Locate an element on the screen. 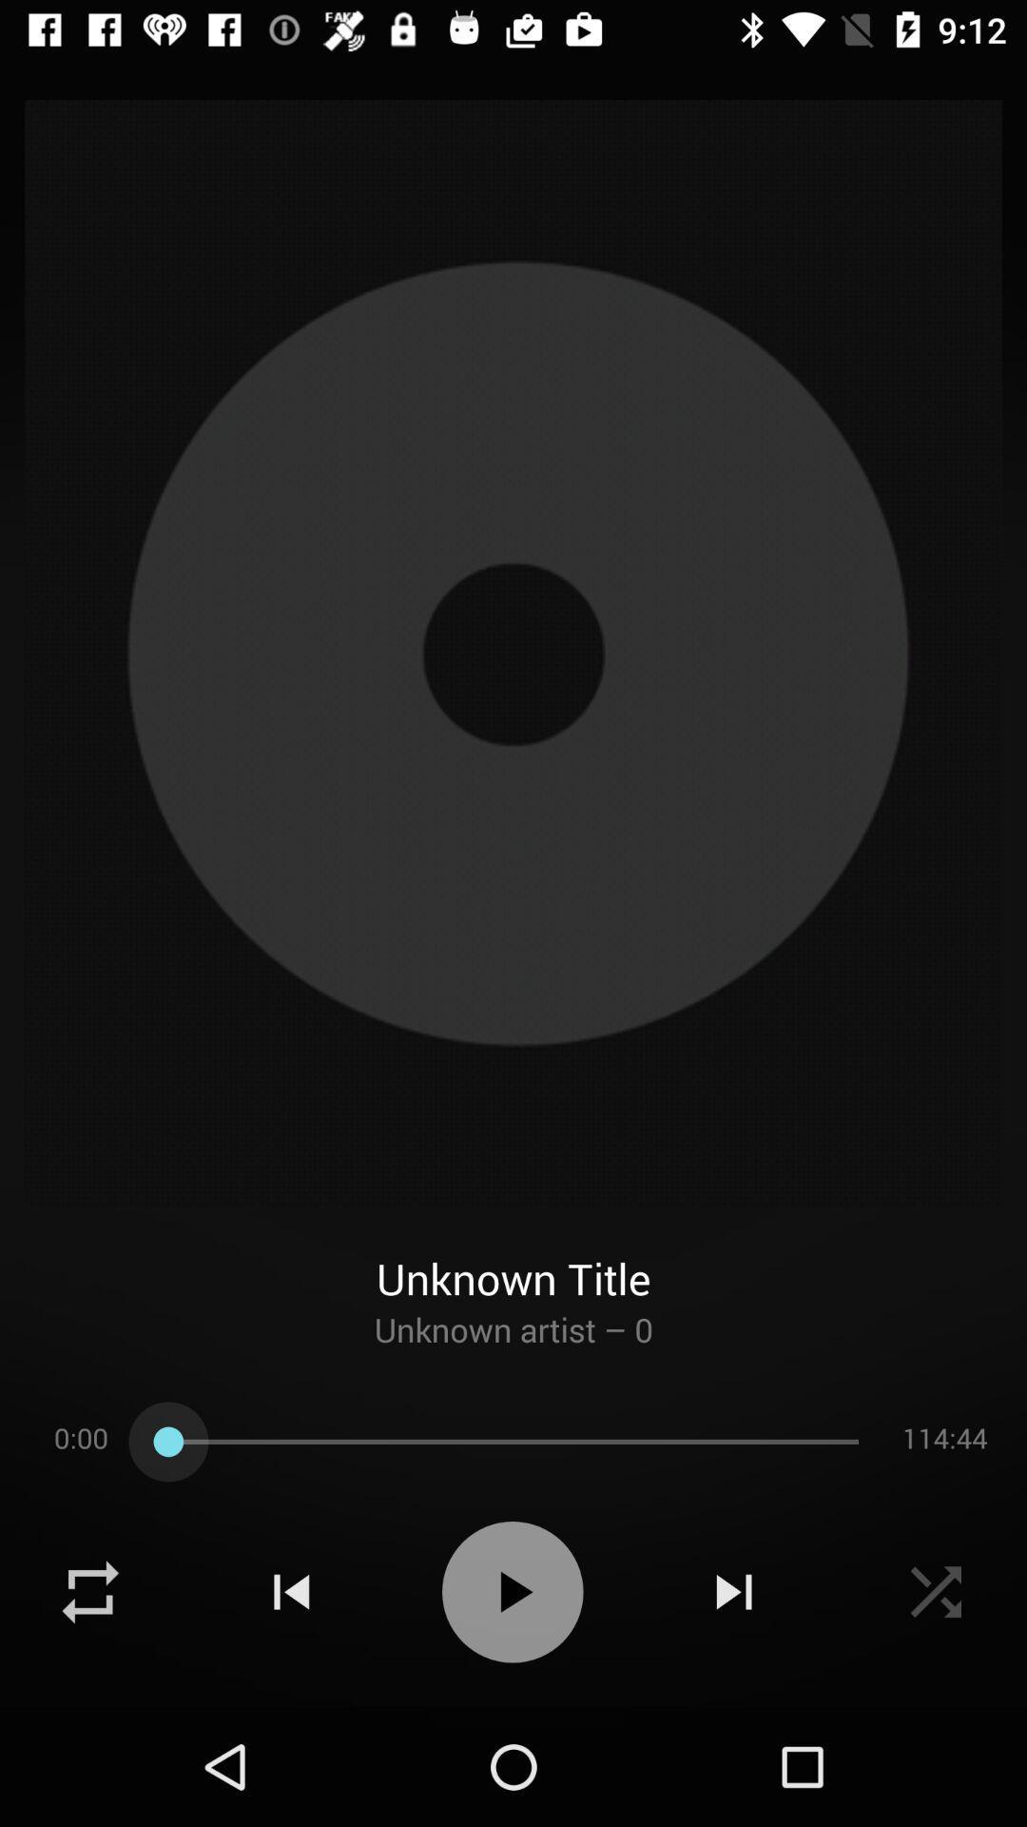  the play icon is located at coordinates (512, 1592).